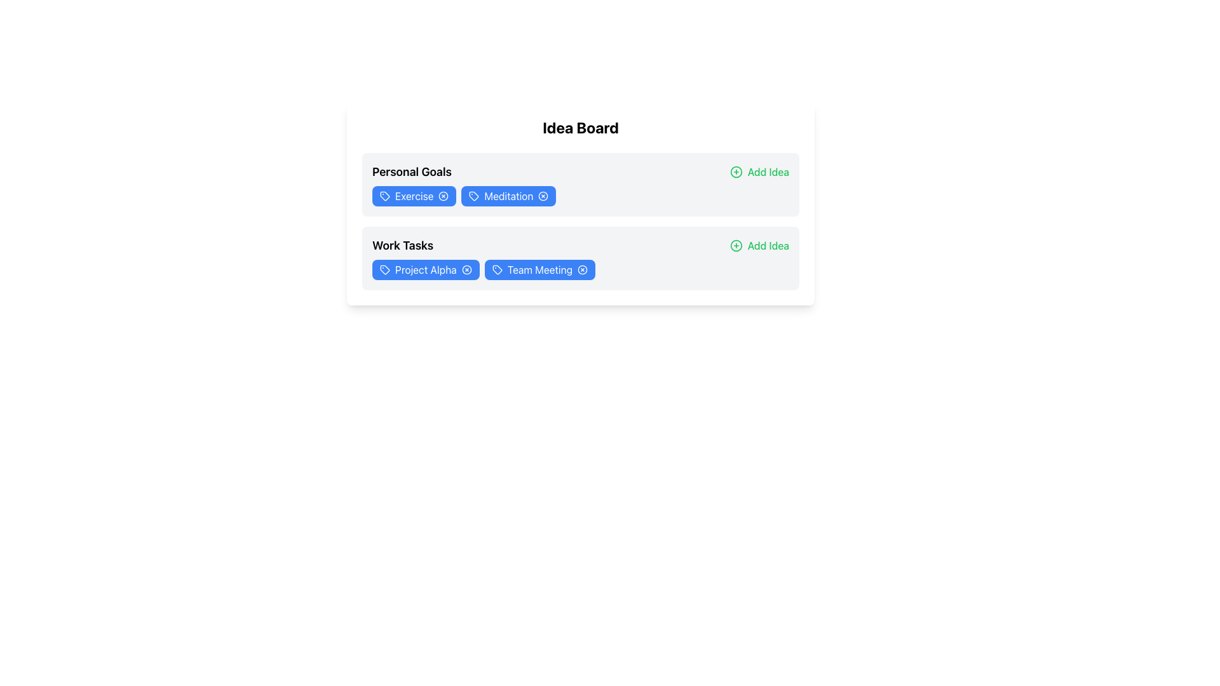 The width and height of the screenshot is (1220, 686). I want to click on the circular icon with a cross symbol, so click(444, 196).